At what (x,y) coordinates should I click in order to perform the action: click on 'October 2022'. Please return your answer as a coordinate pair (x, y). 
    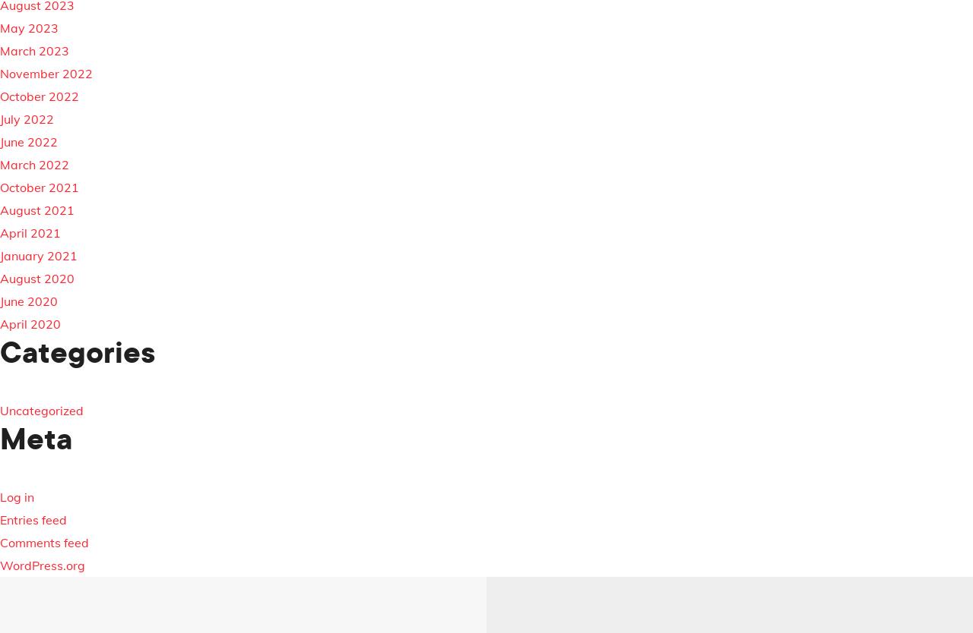
    Looking at the image, I should click on (39, 96).